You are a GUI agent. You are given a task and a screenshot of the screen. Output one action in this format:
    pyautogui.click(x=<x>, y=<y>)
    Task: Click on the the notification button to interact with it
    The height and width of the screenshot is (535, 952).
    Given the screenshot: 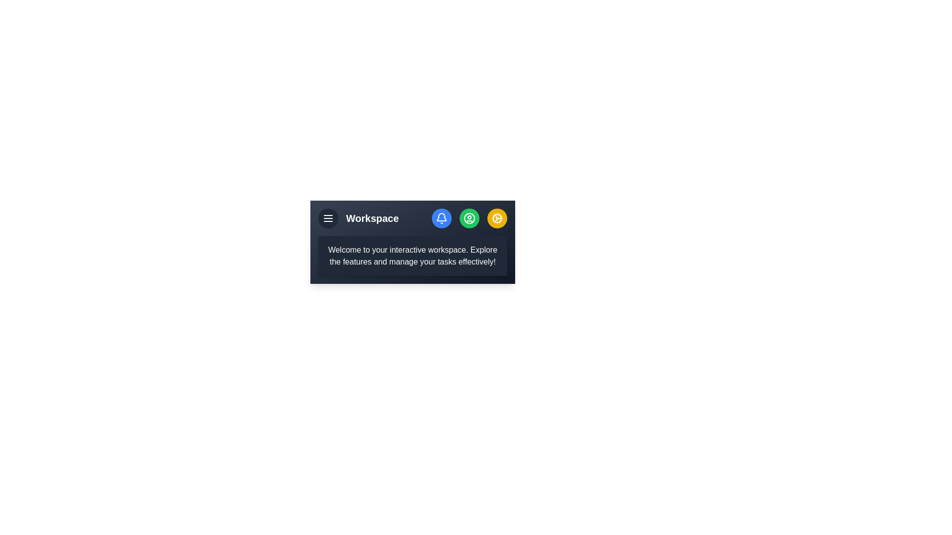 What is the action you would take?
    pyautogui.click(x=441, y=217)
    